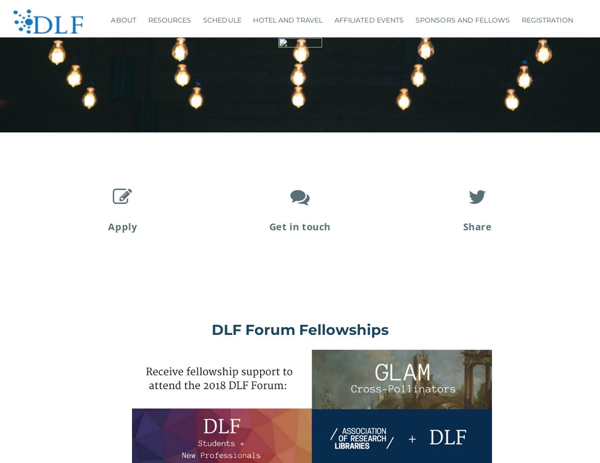 This screenshot has width=600, height=463. I want to click on 'Shared Note-Taking', so click(167, 118).